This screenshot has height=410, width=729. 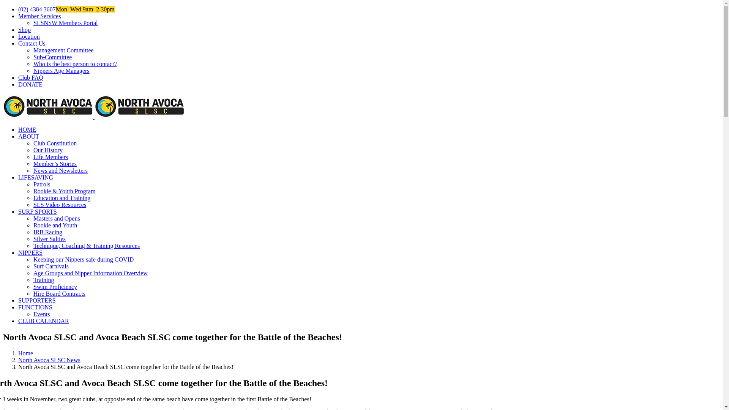 What do you see at coordinates (35, 177) in the screenshot?
I see `'LIFESAVING'` at bounding box center [35, 177].